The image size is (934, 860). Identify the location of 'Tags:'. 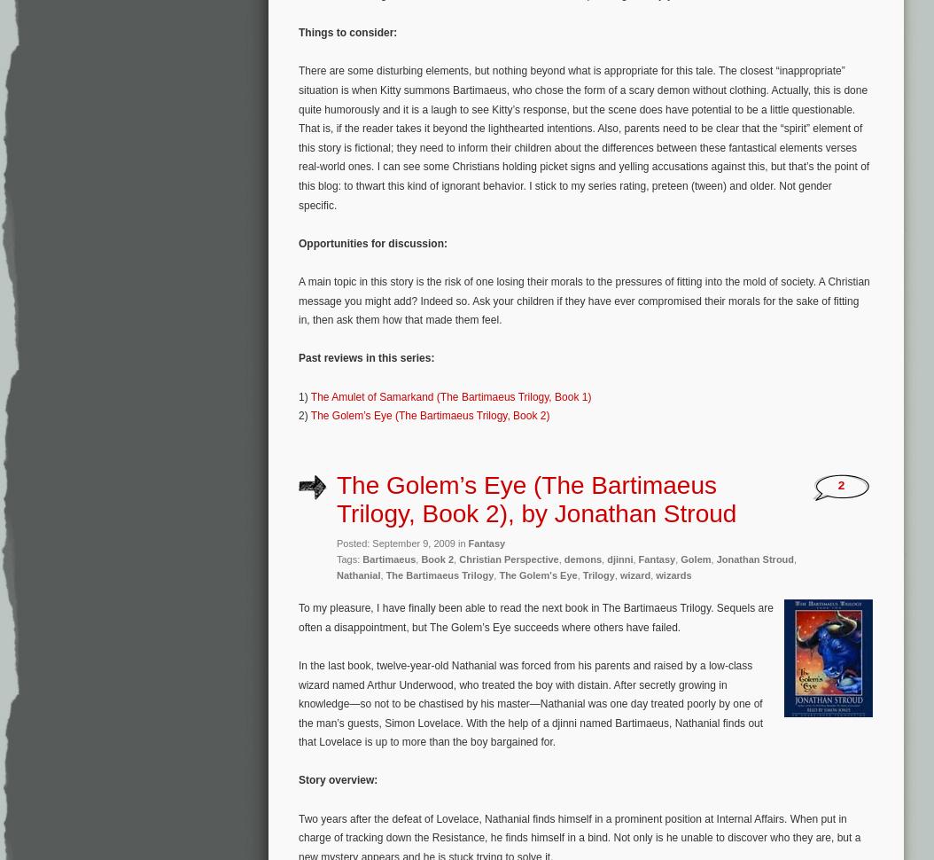
(348, 559).